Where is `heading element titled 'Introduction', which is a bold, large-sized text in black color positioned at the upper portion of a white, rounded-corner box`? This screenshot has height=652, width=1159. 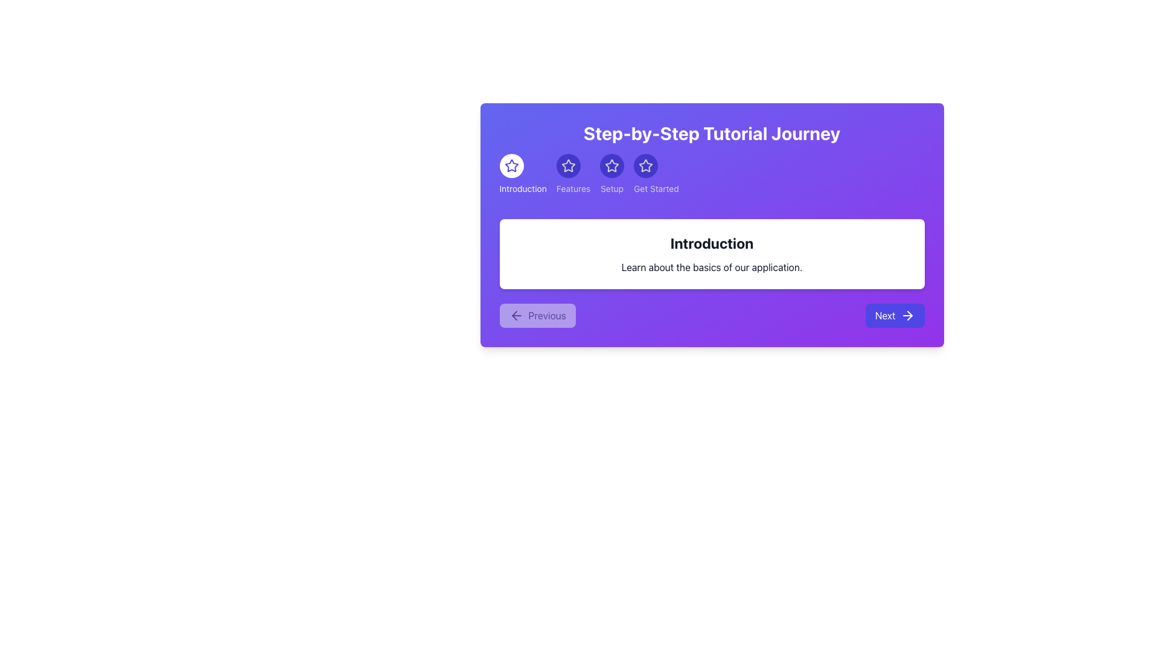 heading element titled 'Introduction', which is a bold, large-sized text in black color positioned at the upper portion of a white, rounded-corner box is located at coordinates (712, 243).